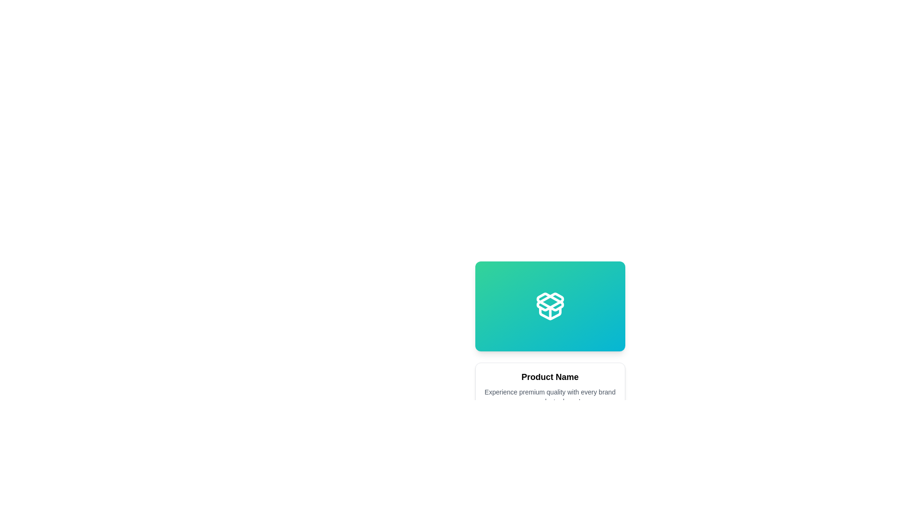 The height and width of the screenshot is (506, 900). I want to click on the text block located below the 'Product Name' heading within the card structure, so click(550, 397).